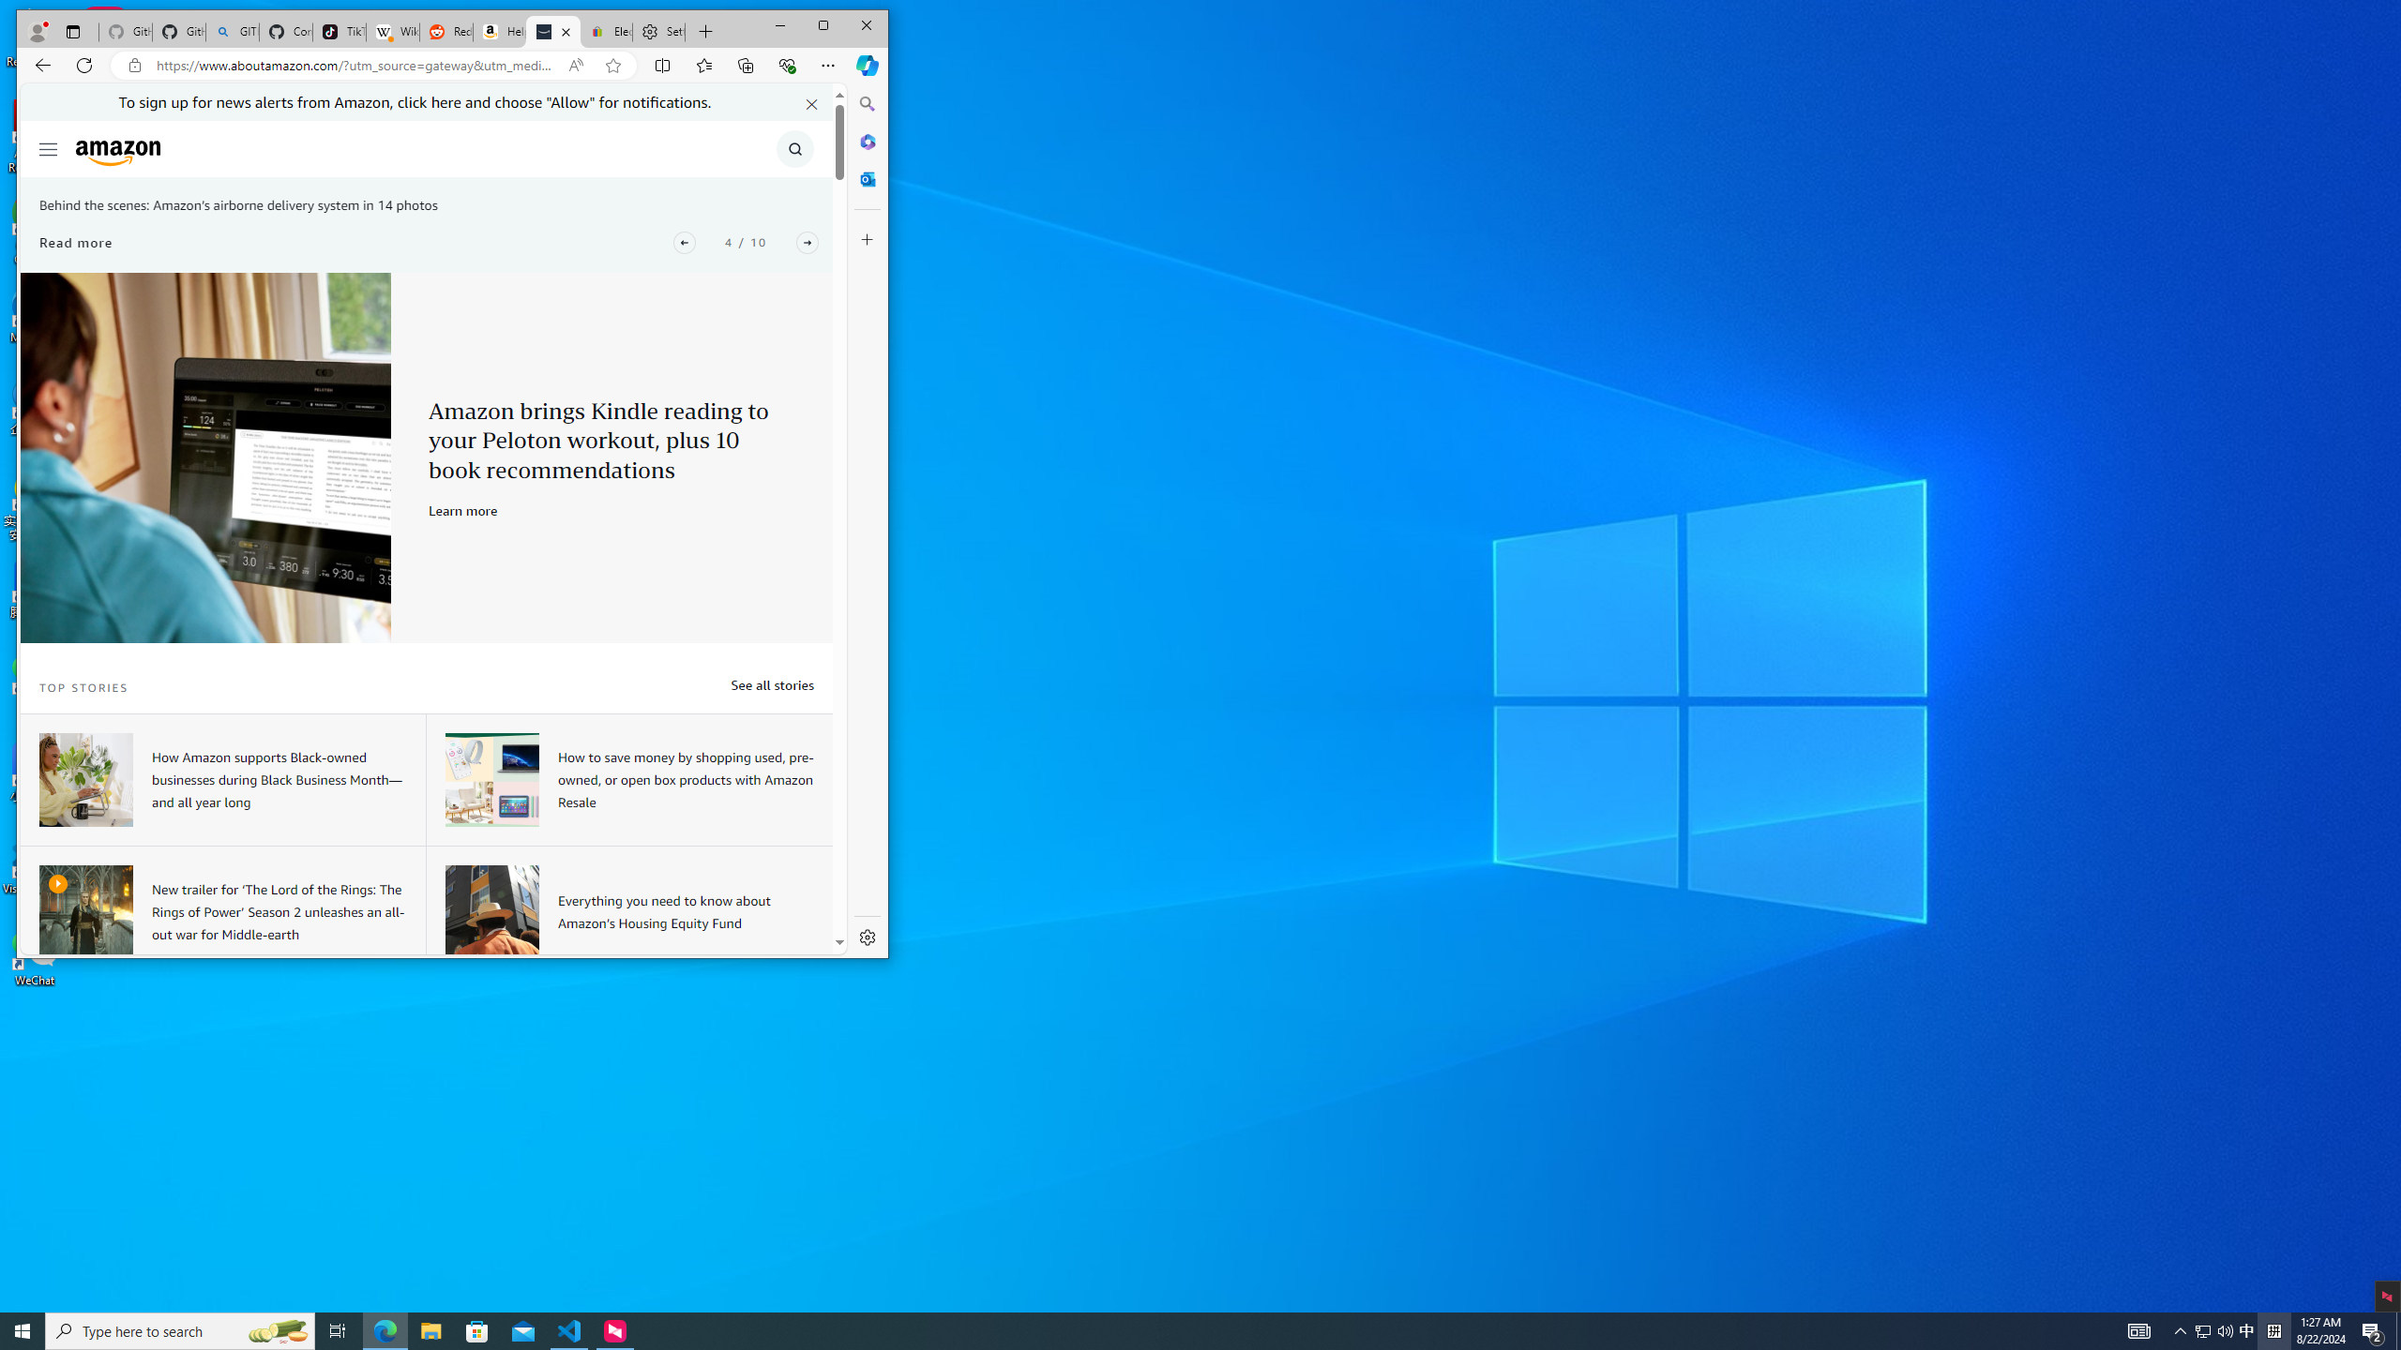  Describe the element at coordinates (2180, 1329) in the screenshot. I see `'Notification Chevron'` at that location.